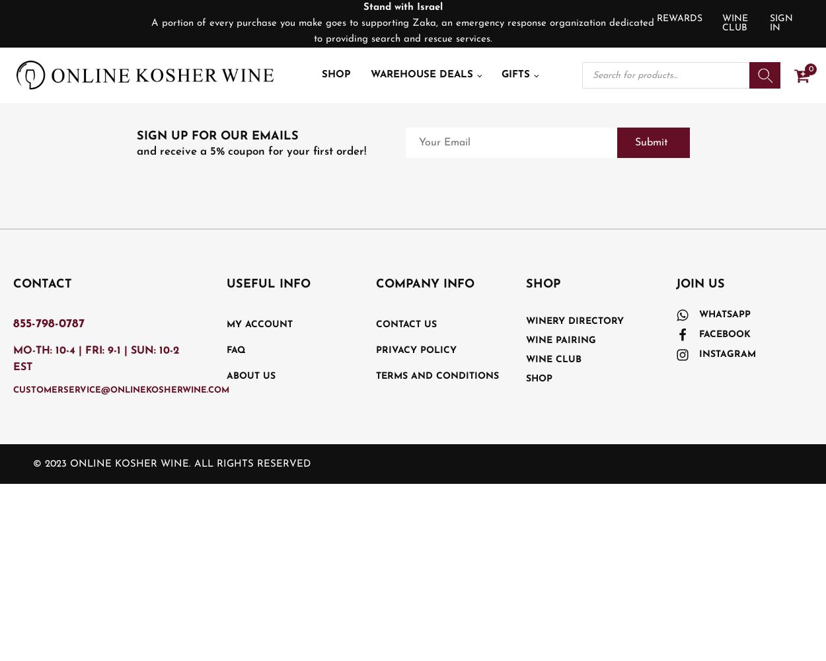  I want to click on 'SIGN IN', so click(781, 23).